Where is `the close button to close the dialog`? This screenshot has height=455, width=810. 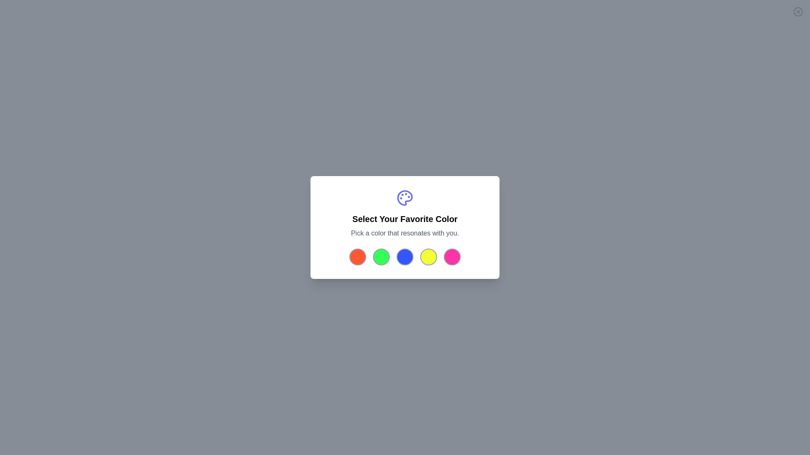
the close button to close the dialog is located at coordinates (797, 11).